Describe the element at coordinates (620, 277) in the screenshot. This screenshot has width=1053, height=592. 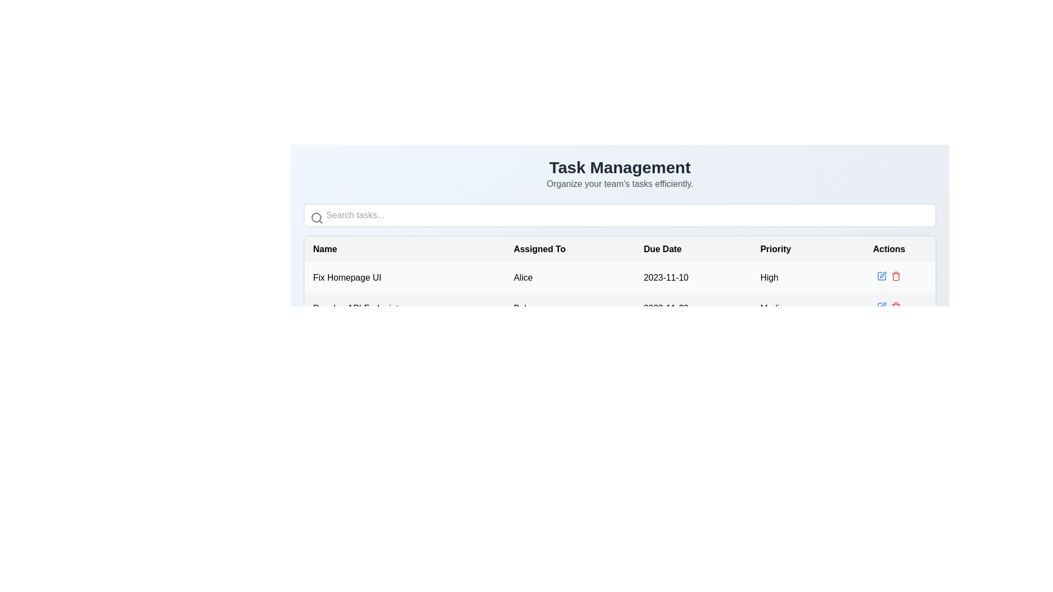
I see `the first row of the task management table displaying task 'Fix Homepage UI', assigned to 'Alice', due on '2023-11-10', with priority 'High'` at that location.